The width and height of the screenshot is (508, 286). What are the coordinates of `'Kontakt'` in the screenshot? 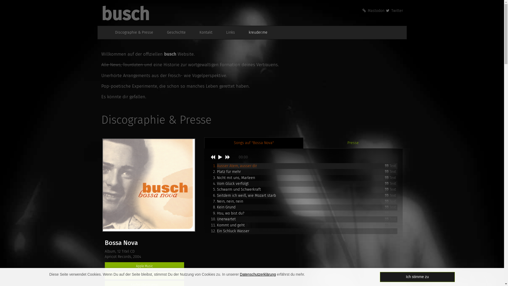 It's located at (203, 33).